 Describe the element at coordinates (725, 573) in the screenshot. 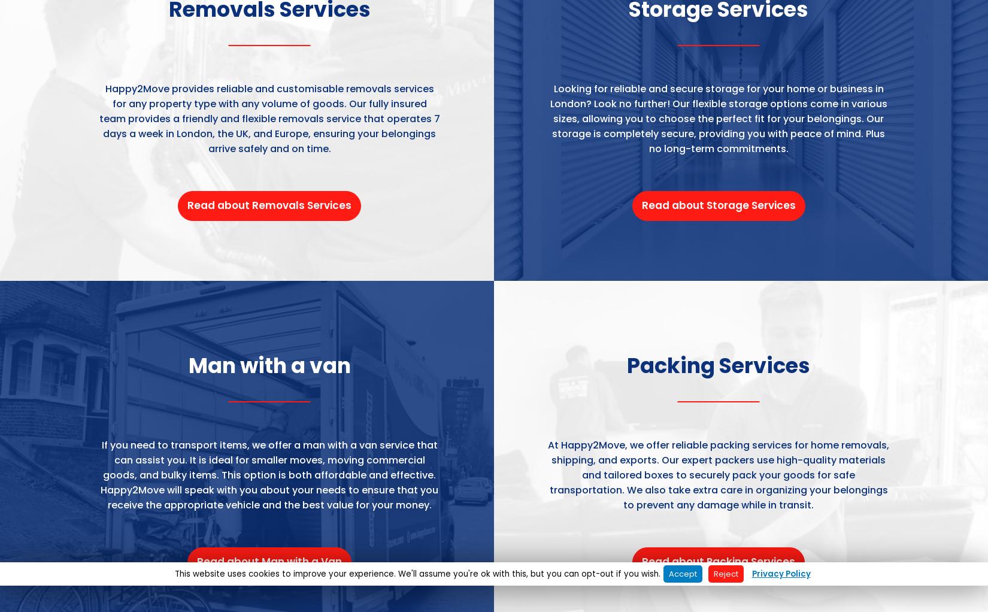

I see `'Reject'` at that location.